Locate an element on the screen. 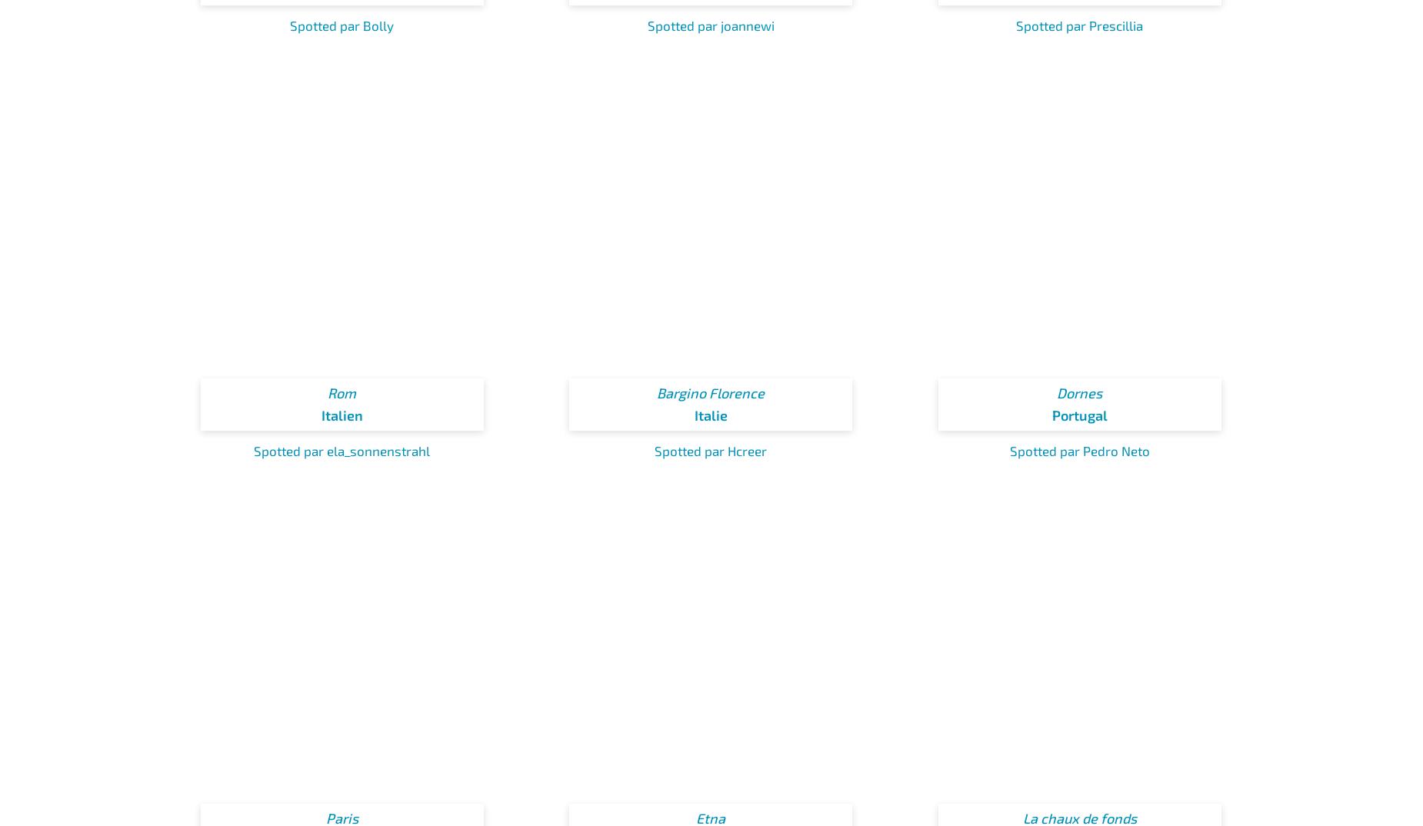 This screenshot has height=826, width=1423. 'Bargino Florence' is located at coordinates (656, 393).